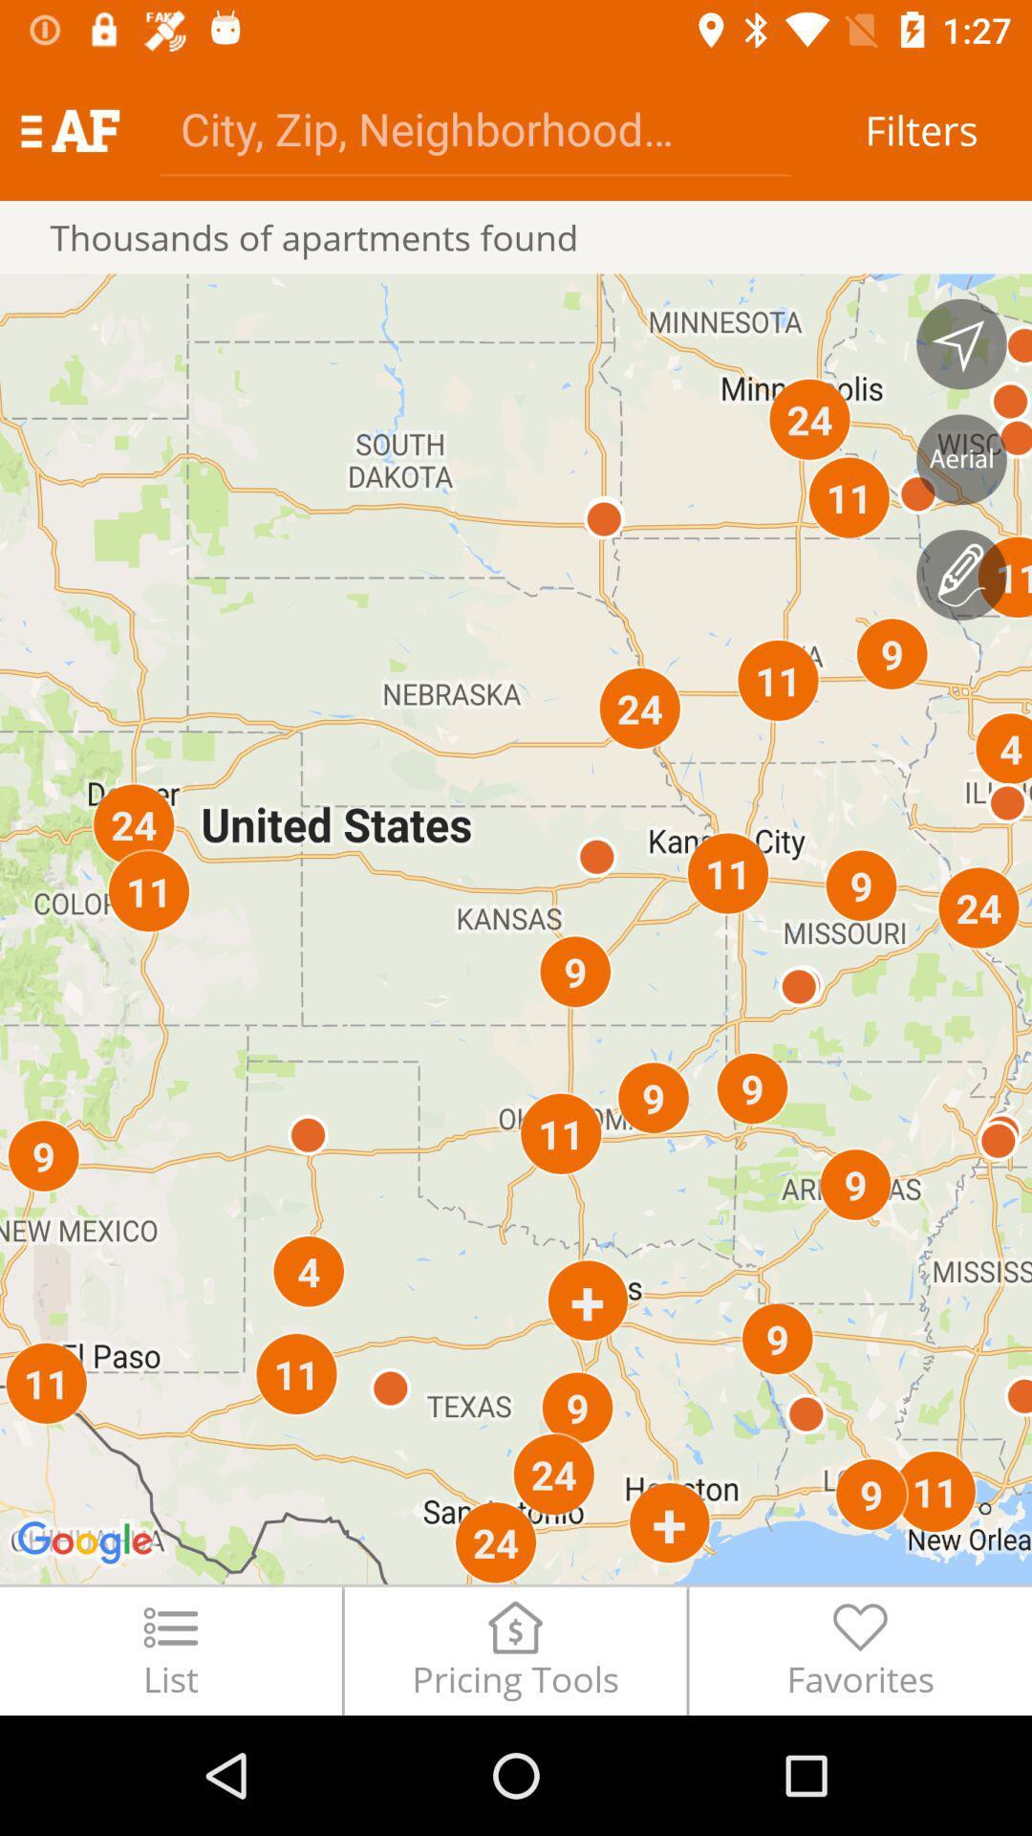 This screenshot has width=1032, height=1836. I want to click on pricing tools, so click(514, 1650).